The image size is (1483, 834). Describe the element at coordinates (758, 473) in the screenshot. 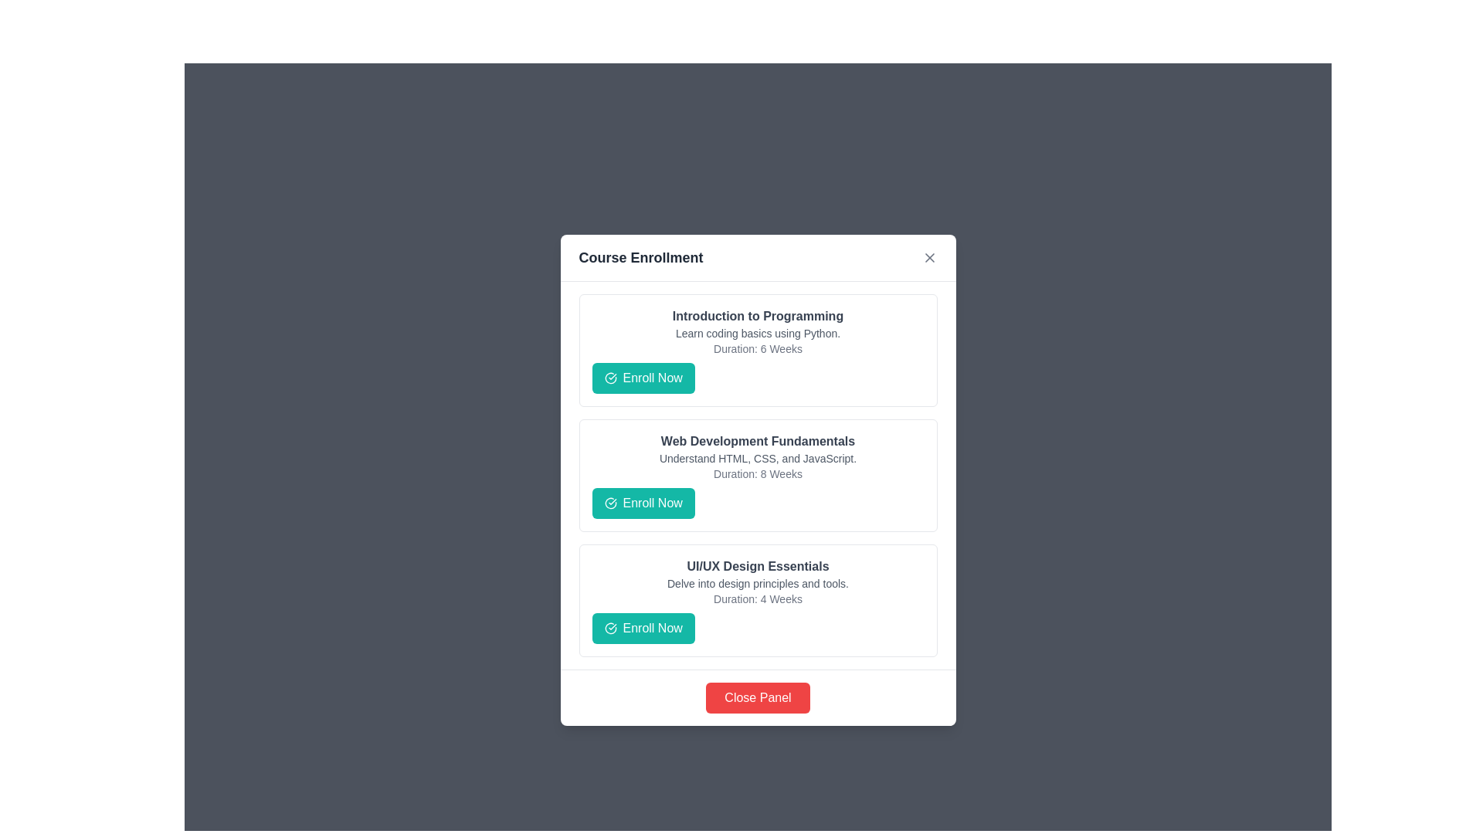

I see `the Text Label element displaying 'Duration: 8 Weeks', located in the second course card above the 'Enroll Now' button` at that location.